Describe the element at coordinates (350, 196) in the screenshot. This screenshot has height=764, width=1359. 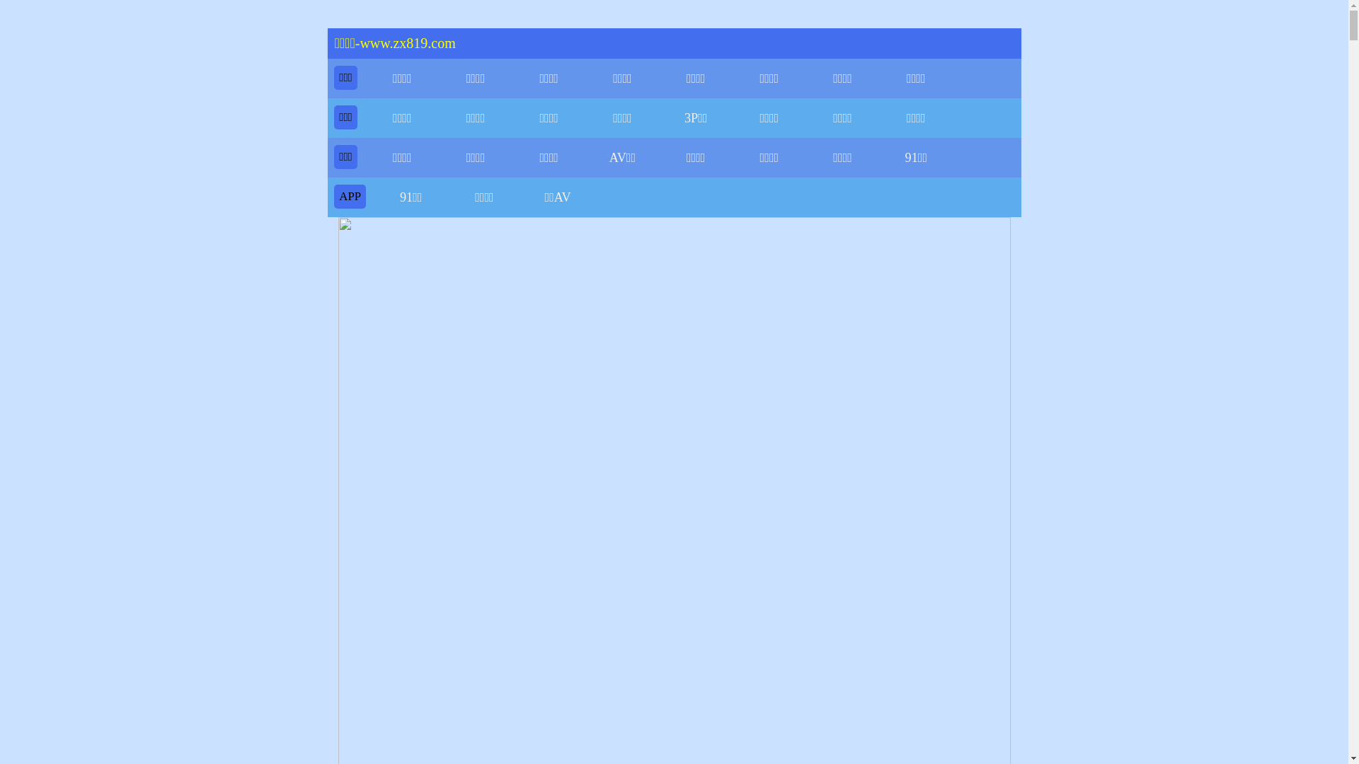
I see `'APP'` at that location.